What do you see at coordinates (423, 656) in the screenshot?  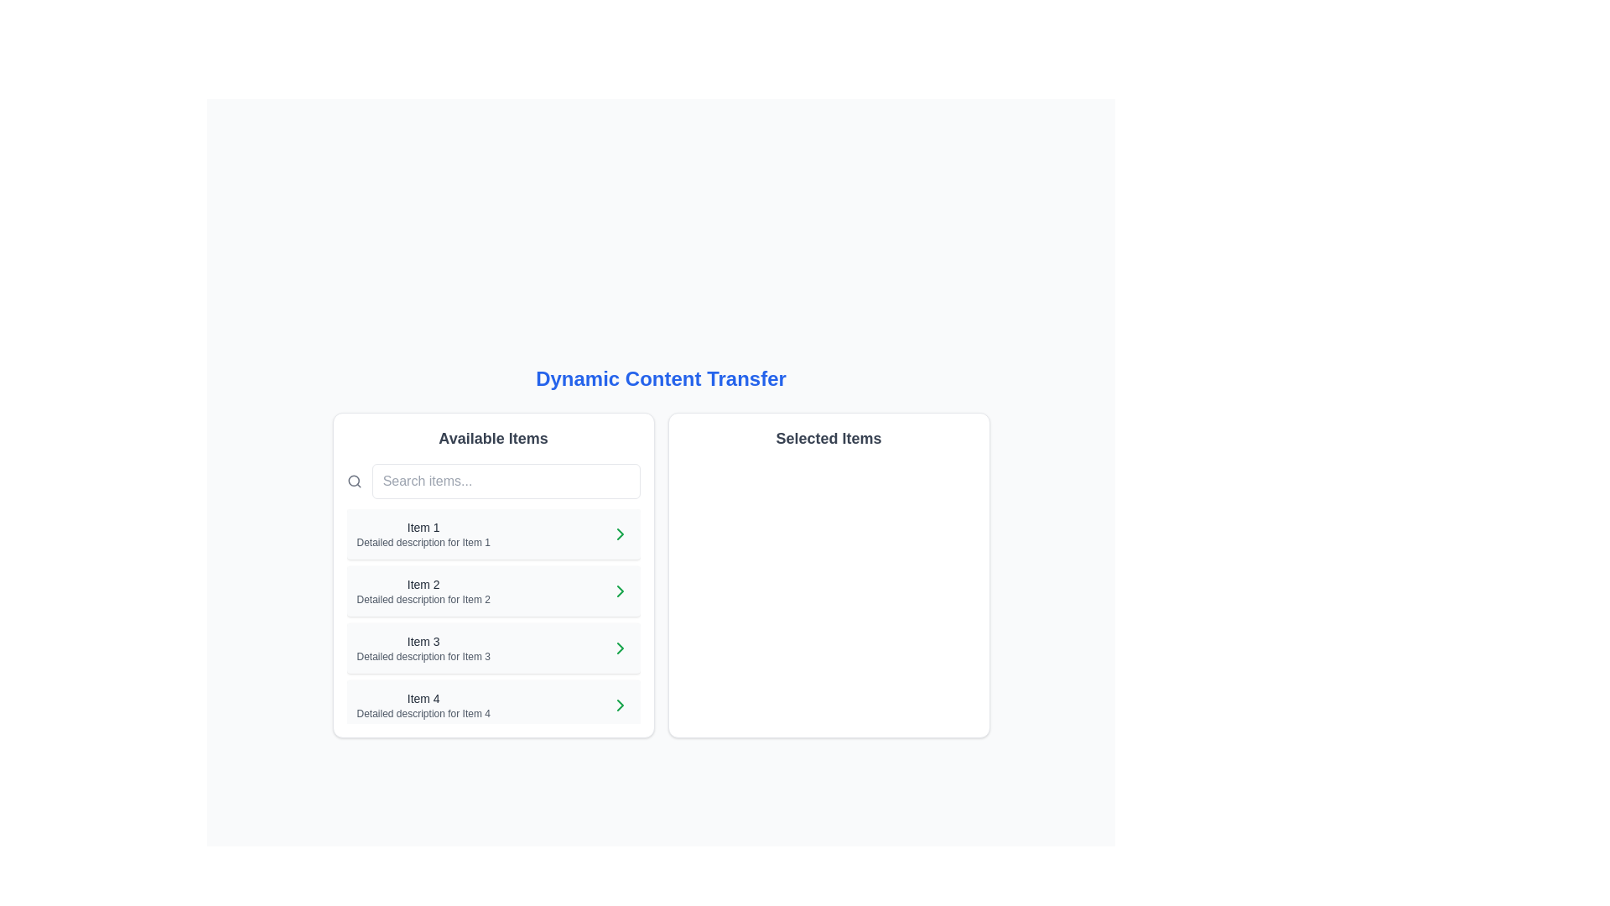 I see `the descriptive label for 'Item 3', which is the second text display element in the 'Available Items' section, located in the third row of the list` at bounding box center [423, 656].